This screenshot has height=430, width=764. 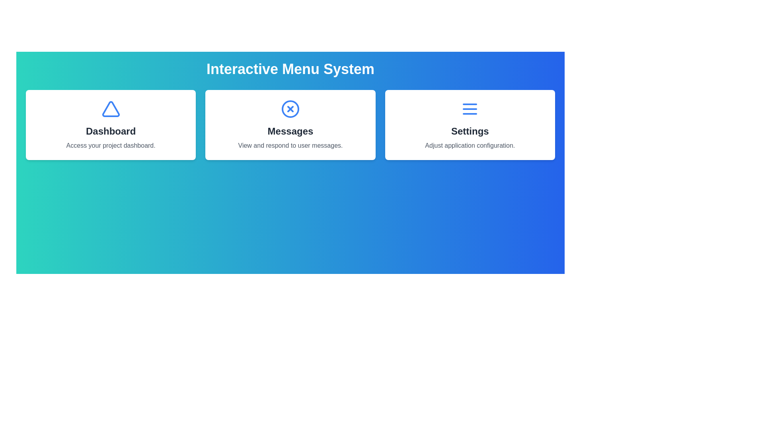 I want to click on the circular icon with a blue border and a blue 'X' symbol at its center, located in the center of the Messages section above the text 'Messages', so click(x=290, y=109).